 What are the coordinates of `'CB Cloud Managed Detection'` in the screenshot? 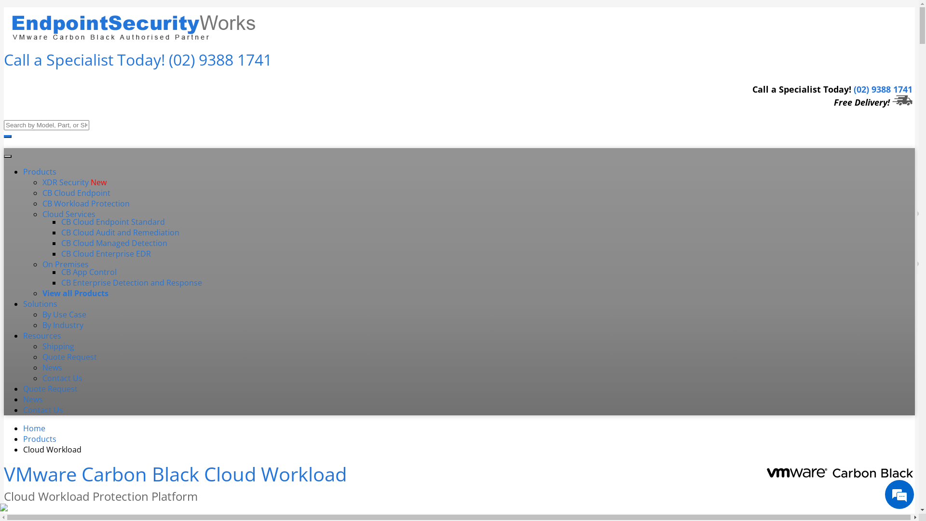 It's located at (60, 243).